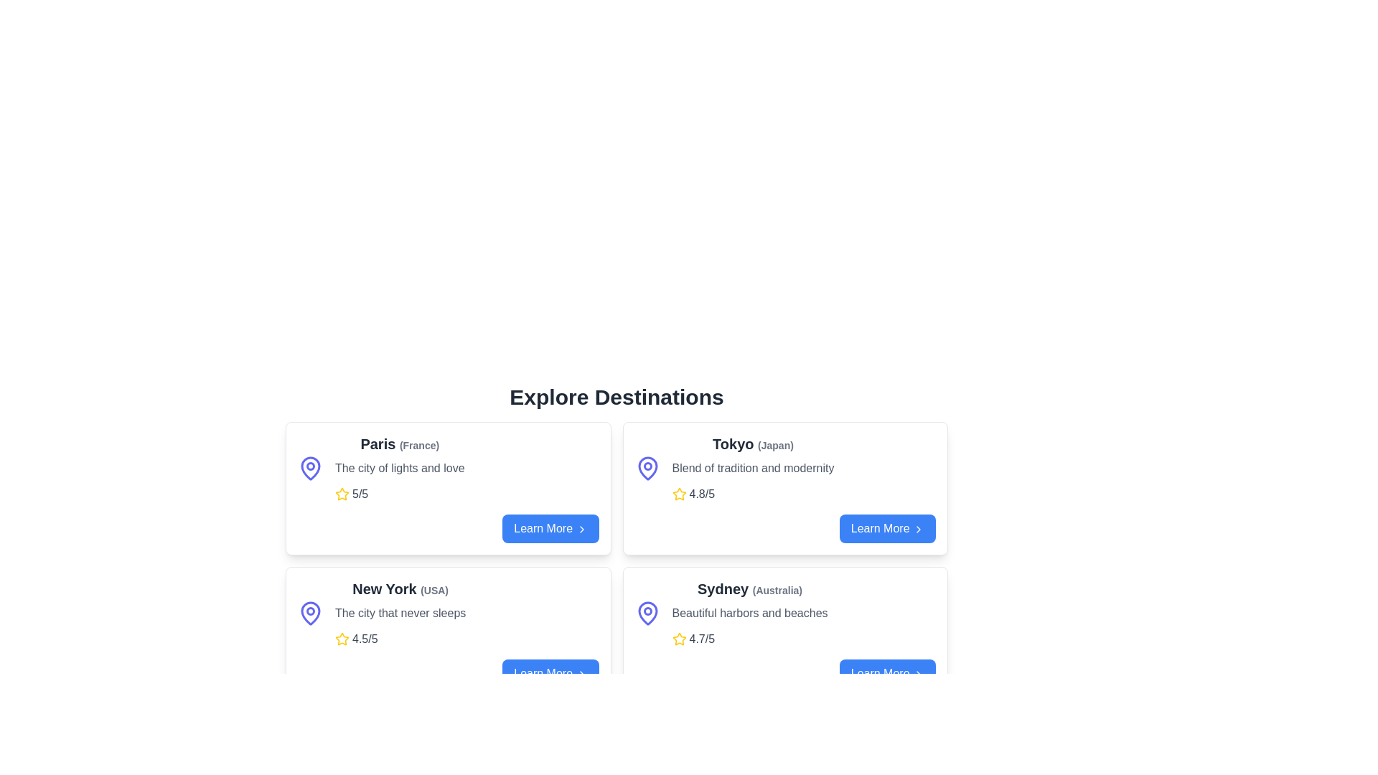 The height and width of the screenshot is (775, 1378). I want to click on textual label displaying the name of the country, which is '(France)', located to the right of 'Paris' and styled in a smaller, muted gray font, so click(418, 445).